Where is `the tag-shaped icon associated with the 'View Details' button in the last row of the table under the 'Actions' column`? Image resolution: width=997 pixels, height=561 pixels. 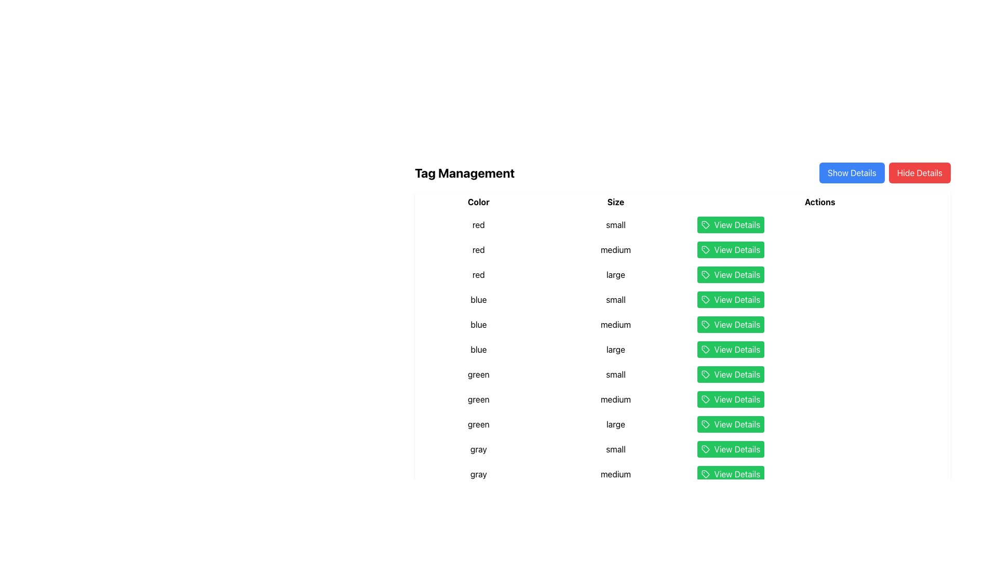
the tag-shaped icon associated with the 'View Details' button in the last row of the table under the 'Actions' column is located at coordinates (706, 424).